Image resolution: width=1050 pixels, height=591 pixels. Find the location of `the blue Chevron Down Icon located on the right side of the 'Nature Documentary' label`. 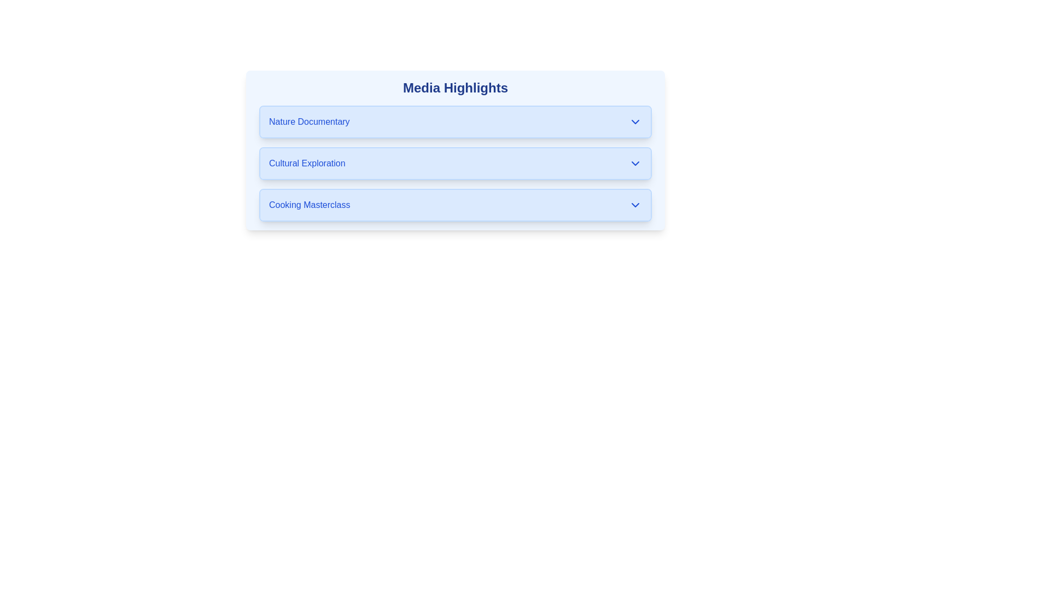

the blue Chevron Down Icon located on the right side of the 'Nature Documentary' label is located at coordinates (635, 122).